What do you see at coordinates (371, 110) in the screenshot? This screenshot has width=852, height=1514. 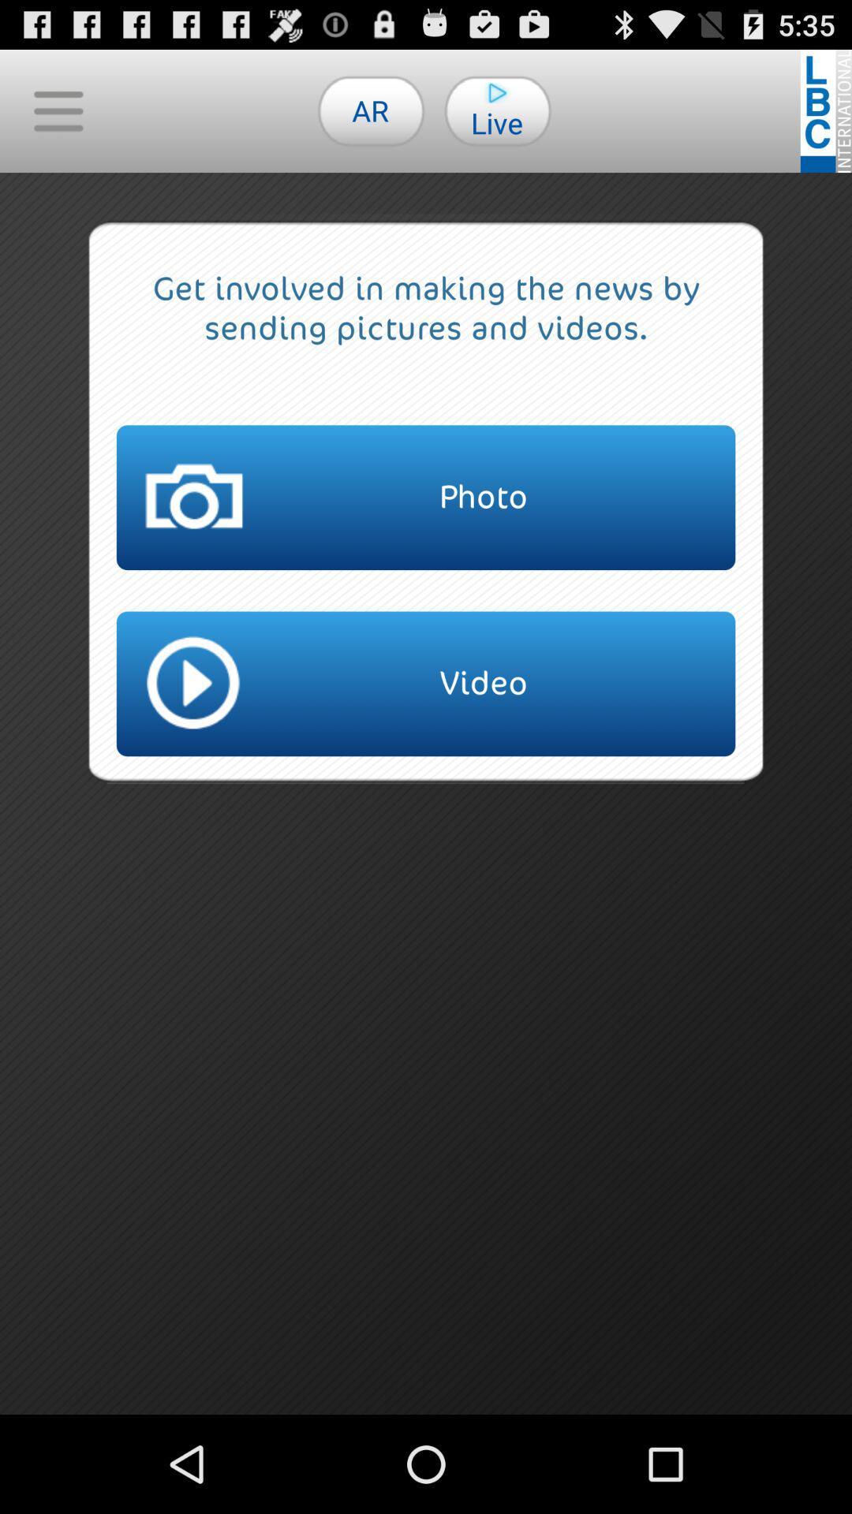 I see `icon to the left of live app` at bounding box center [371, 110].